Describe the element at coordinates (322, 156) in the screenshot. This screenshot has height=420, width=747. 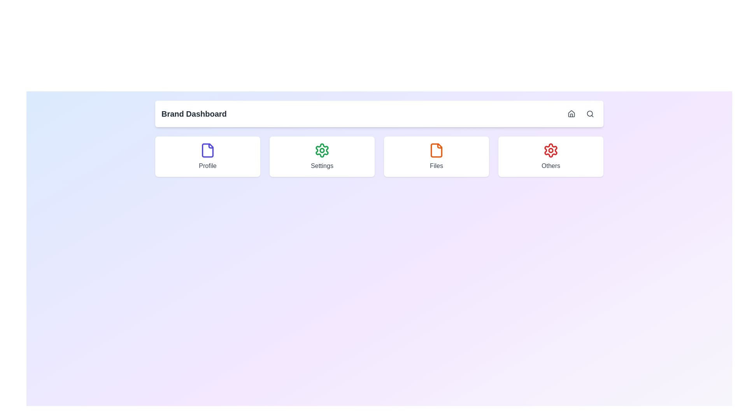
I see `the green gear icon button labeled 'Settings'` at that location.